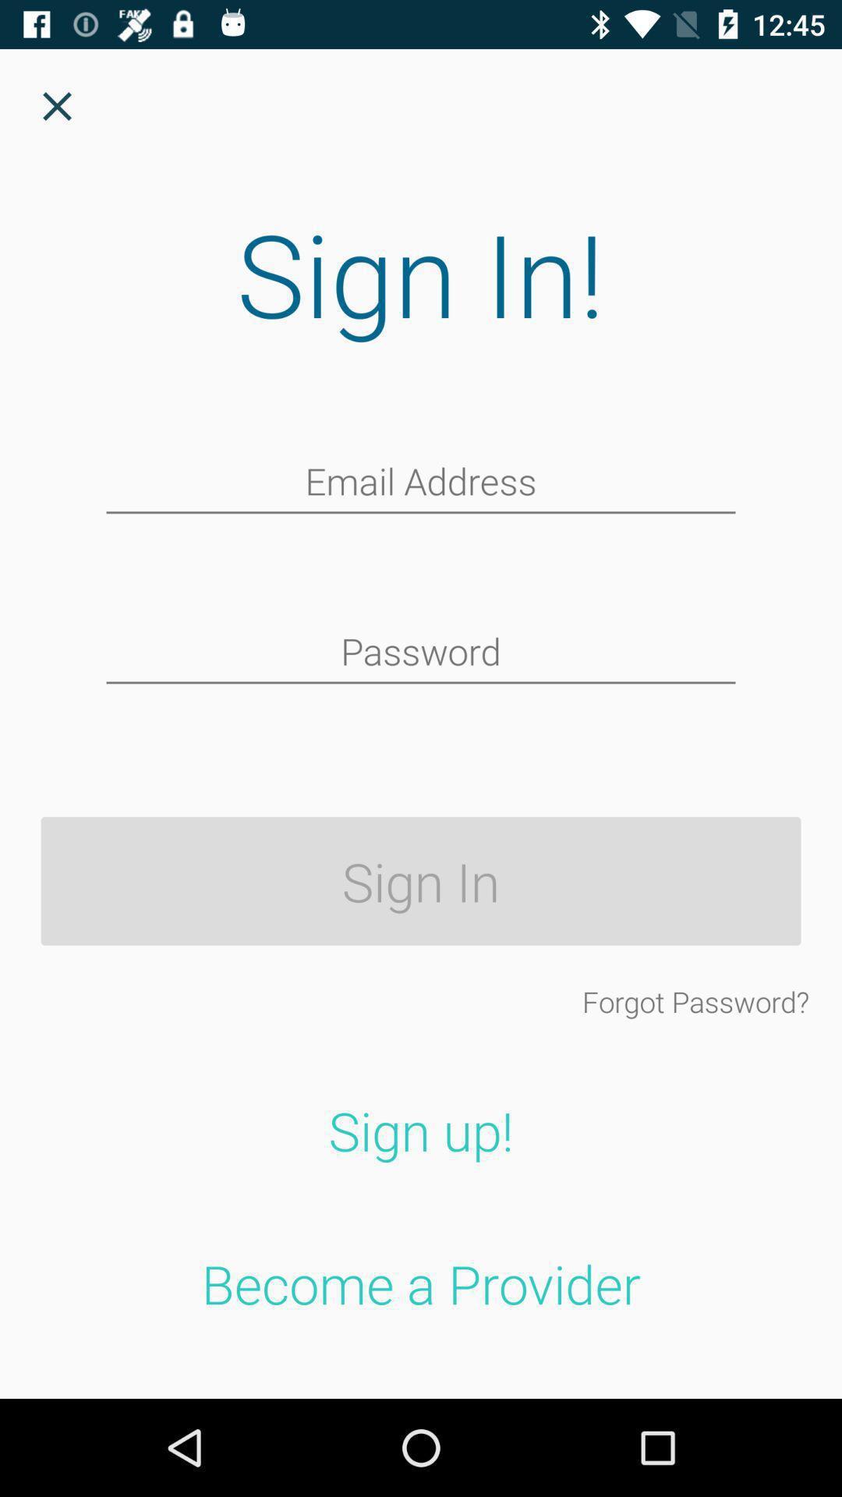 Image resolution: width=842 pixels, height=1497 pixels. What do you see at coordinates (695, 1001) in the screenshot?
I see `the icon above sign up! item` at bounding box center [695, 1001].